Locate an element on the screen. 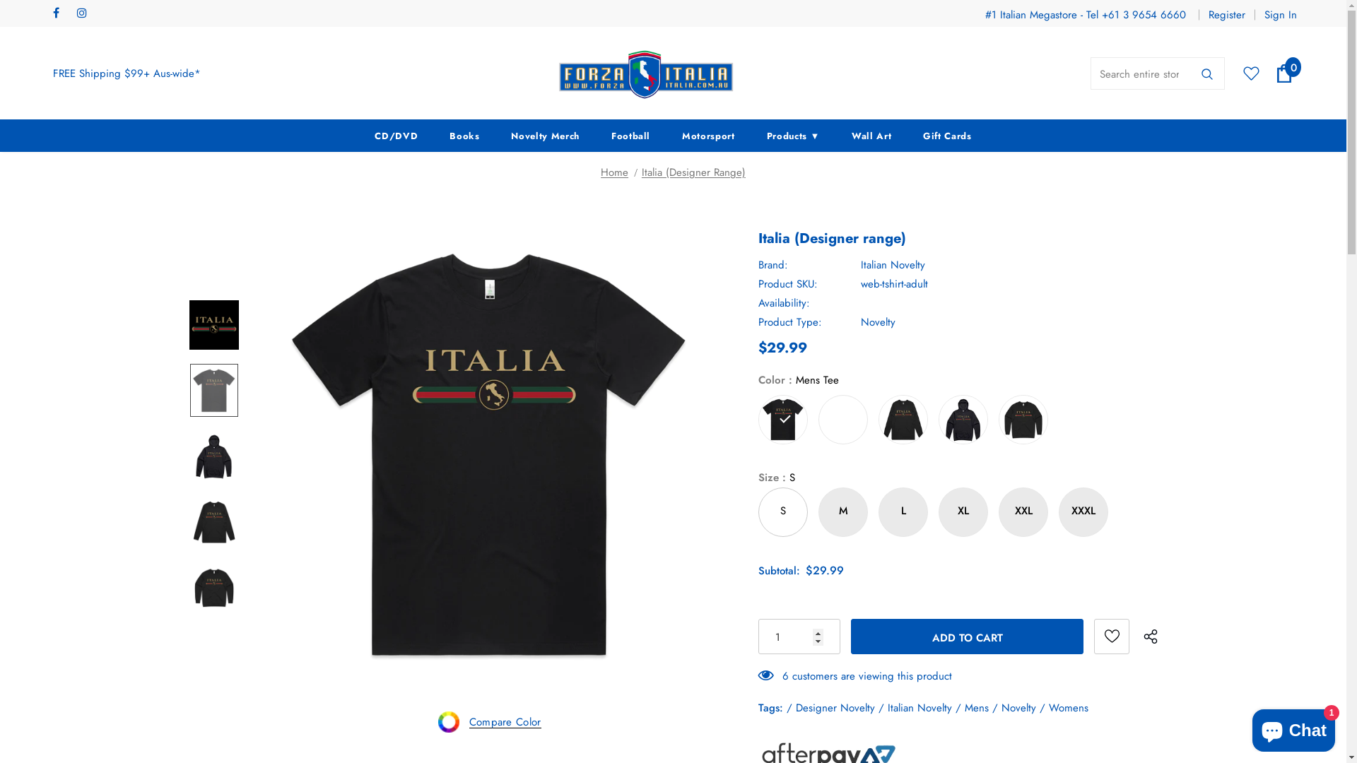 The image size is (1357, 763). 'Home' is located at coordinates (614, 172).